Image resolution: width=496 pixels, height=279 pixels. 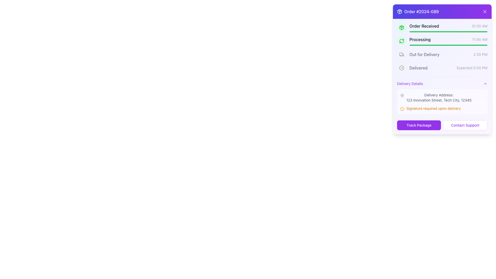 I want to click on the Status icon, which is a circular icon with a green background and a refresh symbol in the center, located to the left of the 'Processing' text, so click(x=401, y=41).